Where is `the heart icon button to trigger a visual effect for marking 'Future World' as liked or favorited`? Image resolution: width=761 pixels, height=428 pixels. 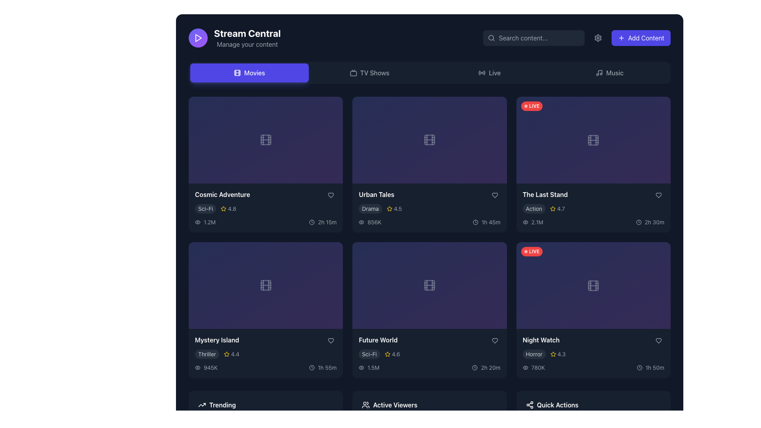 the heart icon button to trigger a visual effect for marking 'Future World' as liked or favorited is located at coordinates (494, 340).